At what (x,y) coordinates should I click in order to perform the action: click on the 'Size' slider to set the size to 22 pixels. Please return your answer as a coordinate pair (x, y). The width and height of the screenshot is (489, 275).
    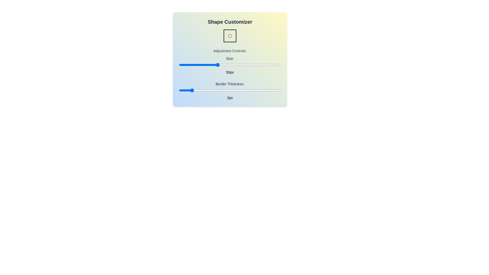
    Looking at the image, I should click on (182, 64).